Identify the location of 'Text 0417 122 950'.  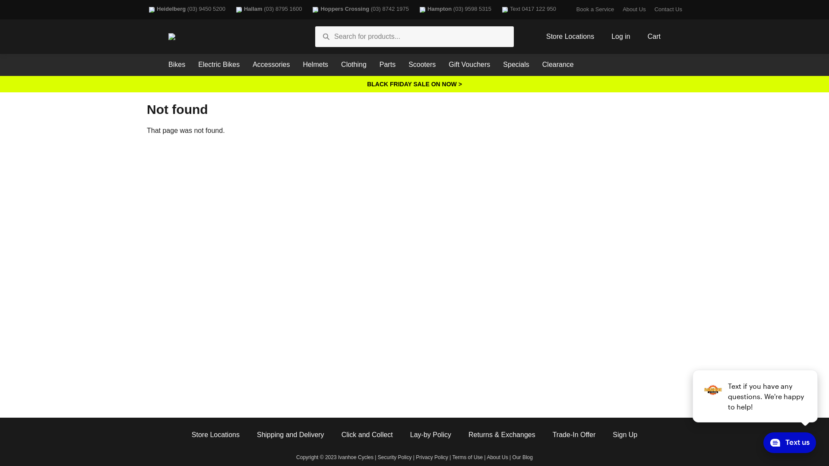
(500, 9).